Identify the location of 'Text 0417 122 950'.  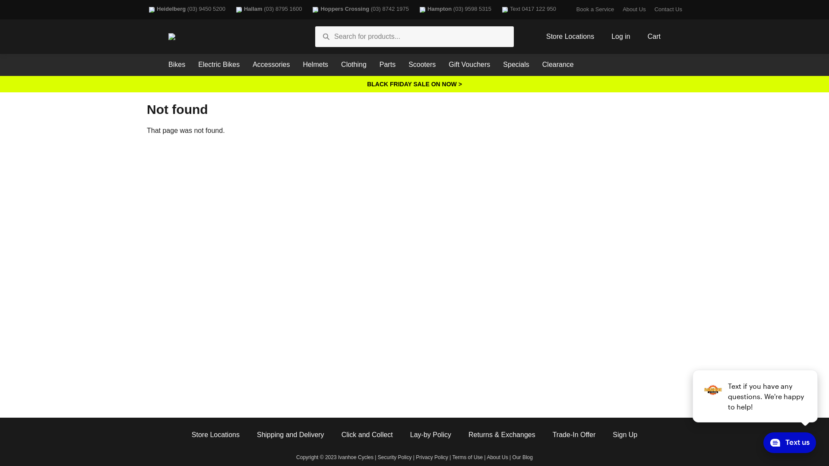
(500, 9).